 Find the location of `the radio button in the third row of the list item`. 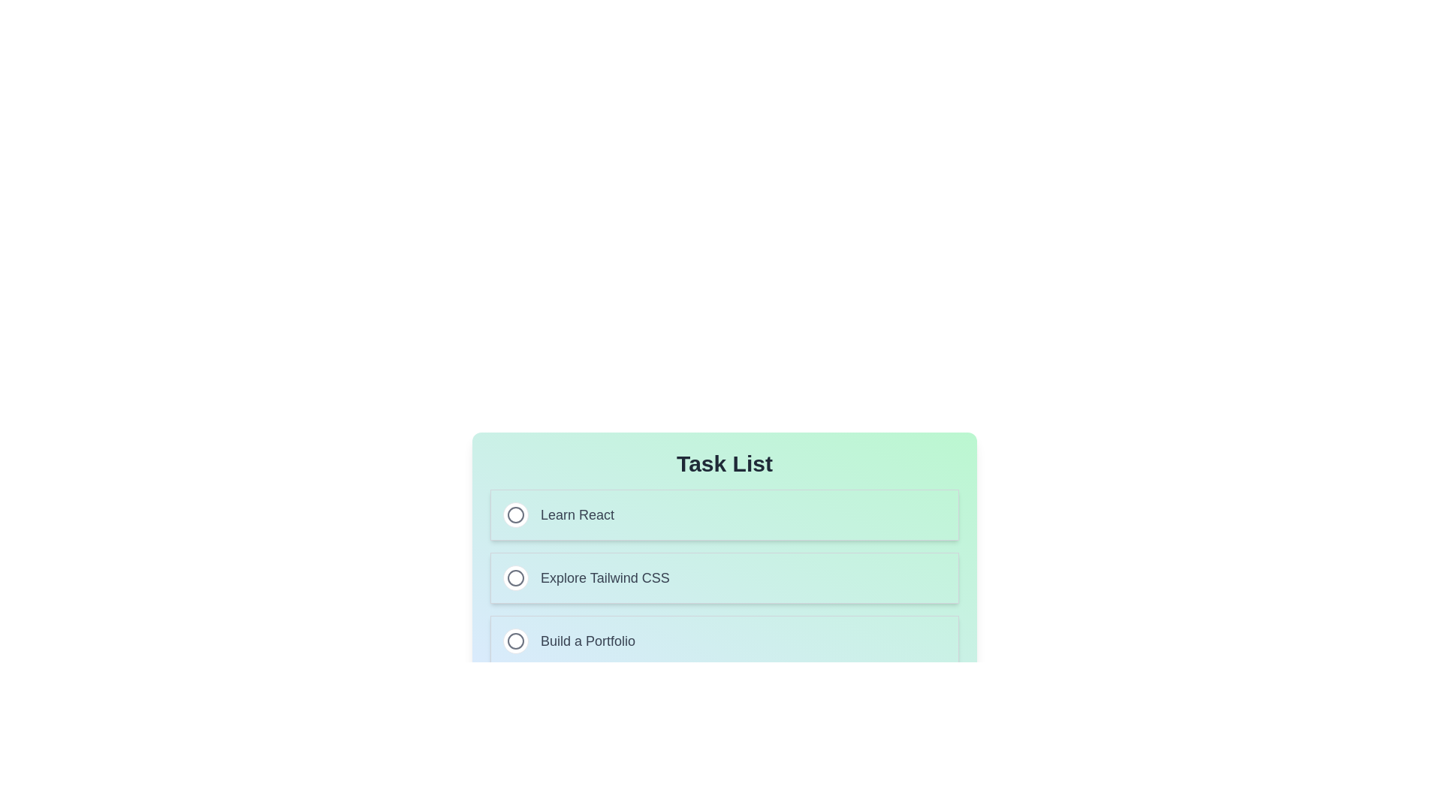

the radio button in the third row of the list item is located at coordinates (724, 641).